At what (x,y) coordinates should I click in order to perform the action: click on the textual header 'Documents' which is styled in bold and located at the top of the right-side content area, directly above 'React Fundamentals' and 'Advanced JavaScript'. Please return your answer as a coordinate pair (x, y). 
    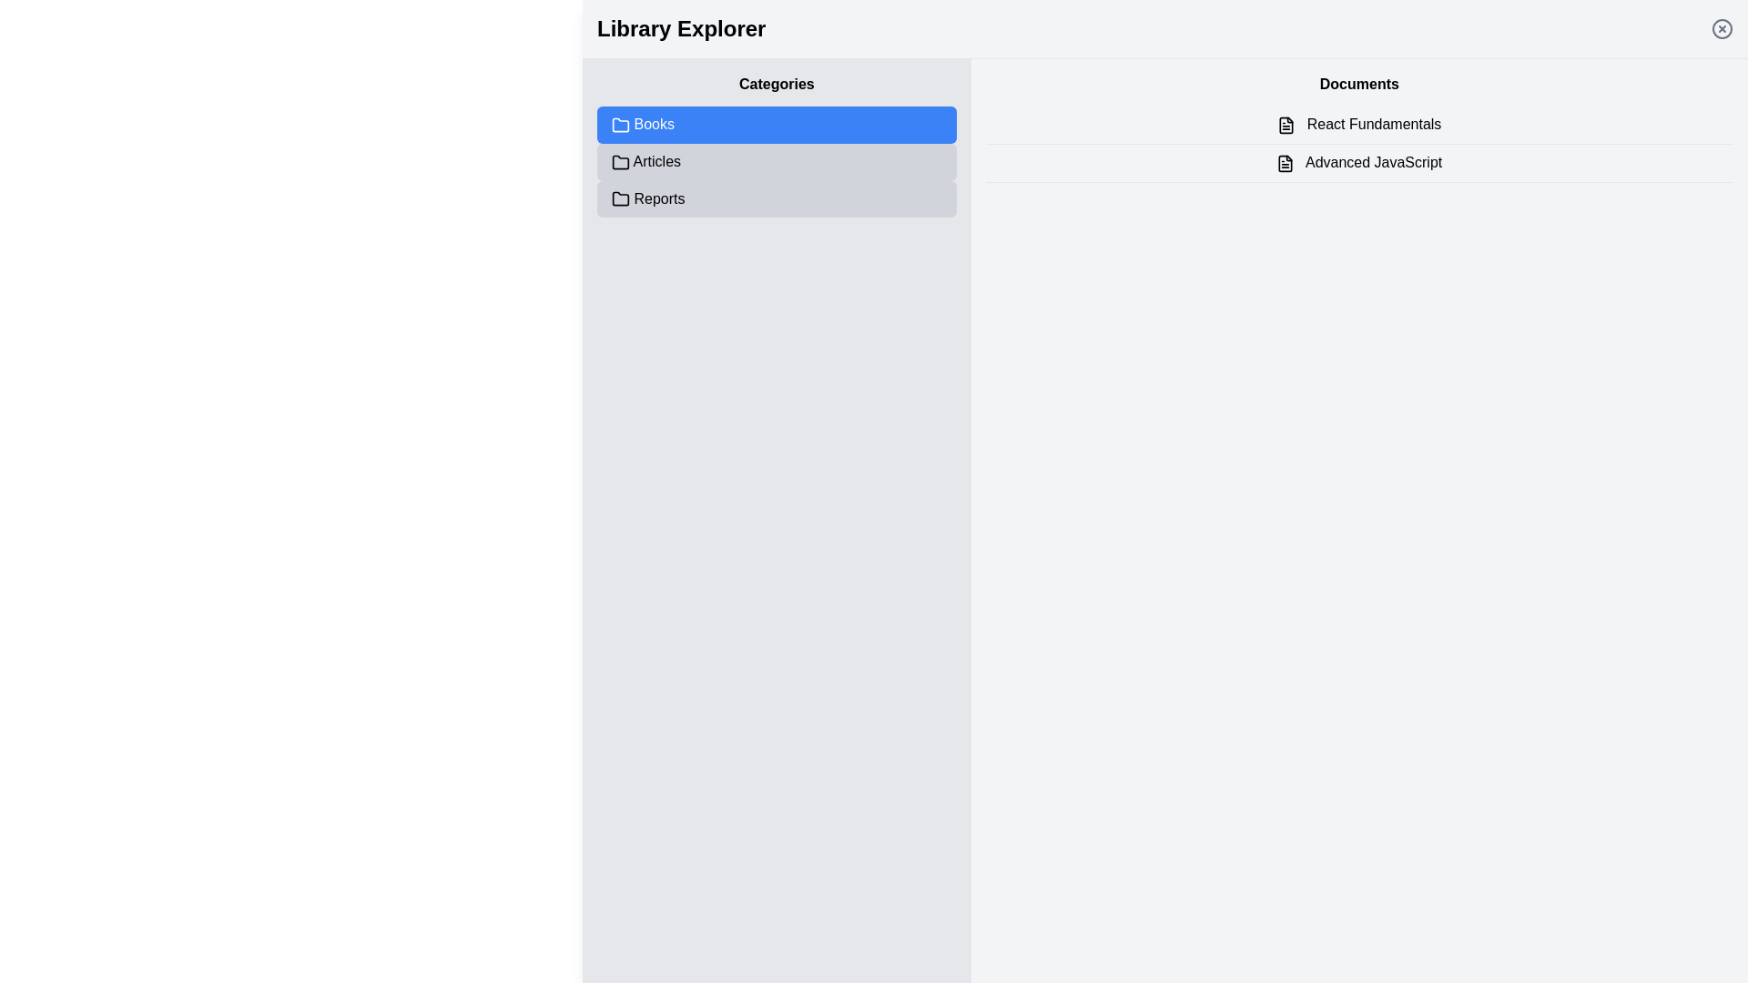
    Looking at the image, I should click on (1359, 84).